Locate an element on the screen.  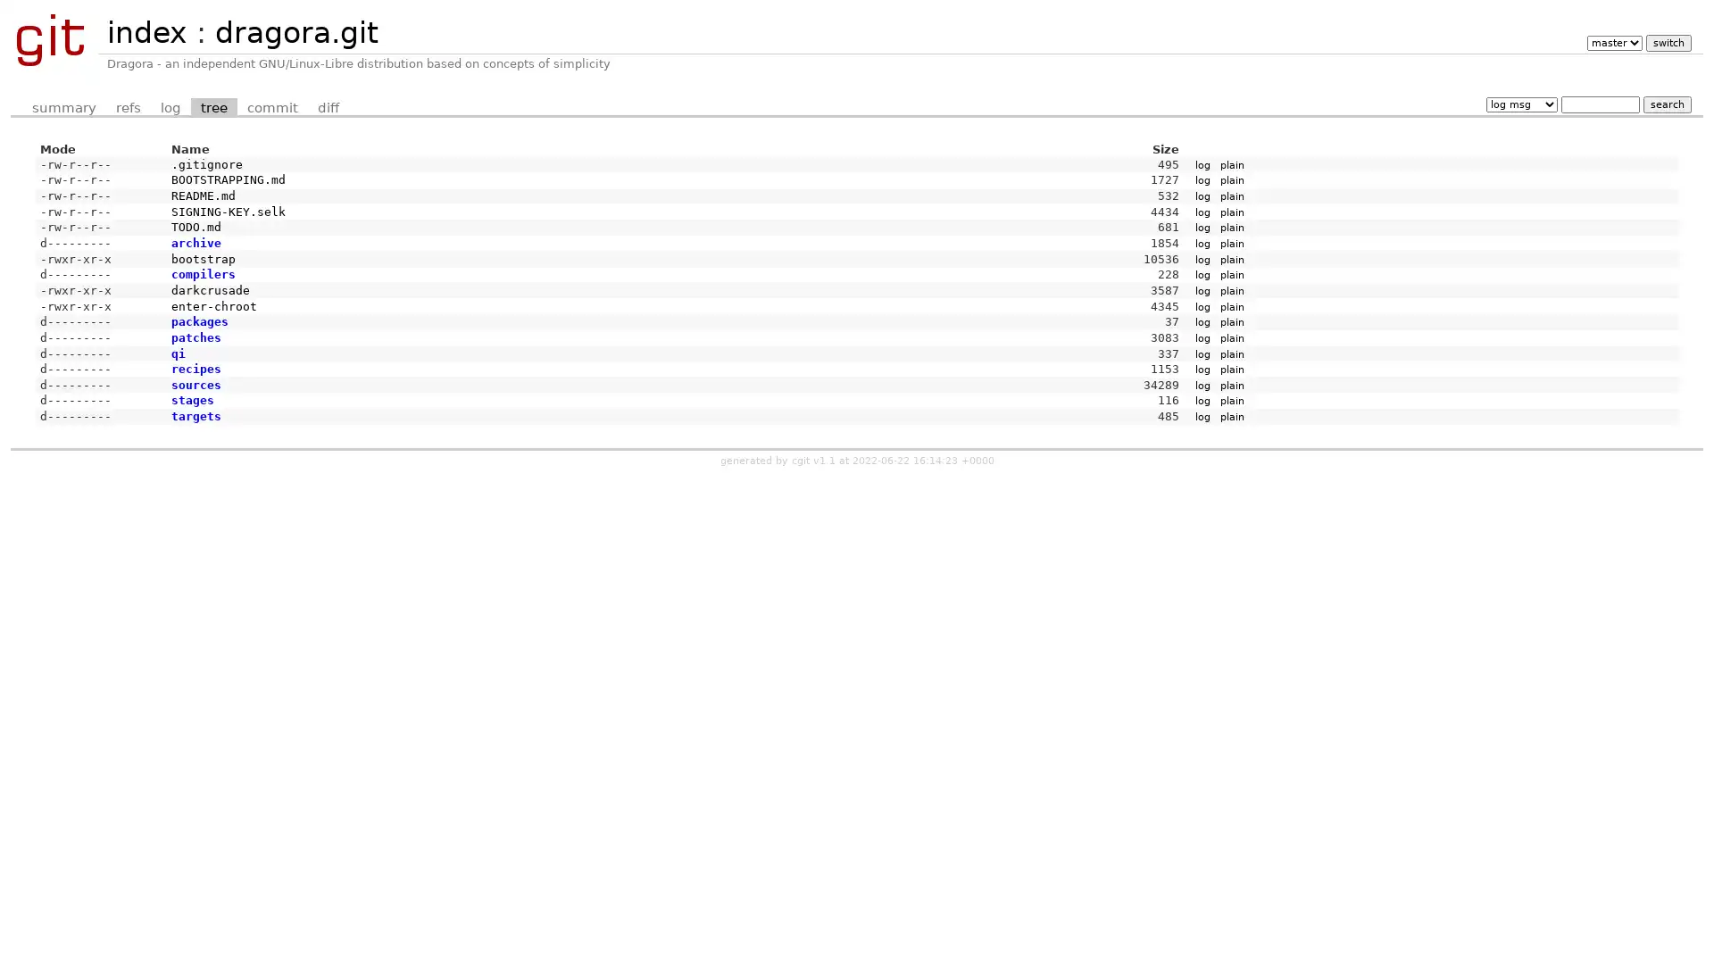
search is located at coordinates (1666, 104).